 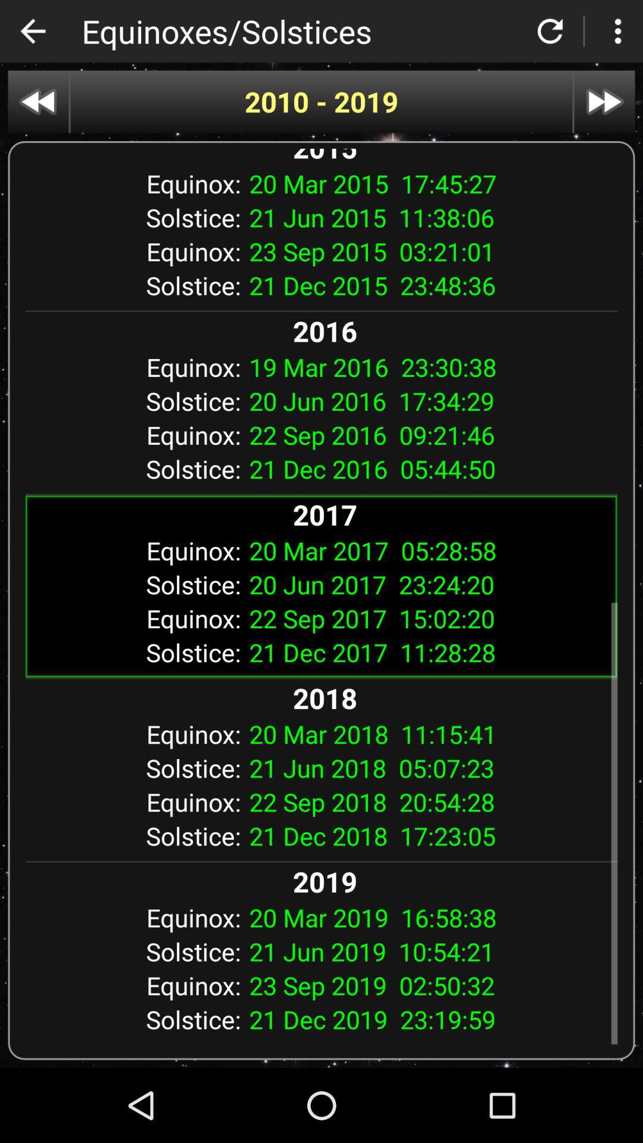 I want to click on menu, so click(x=617, y=31).